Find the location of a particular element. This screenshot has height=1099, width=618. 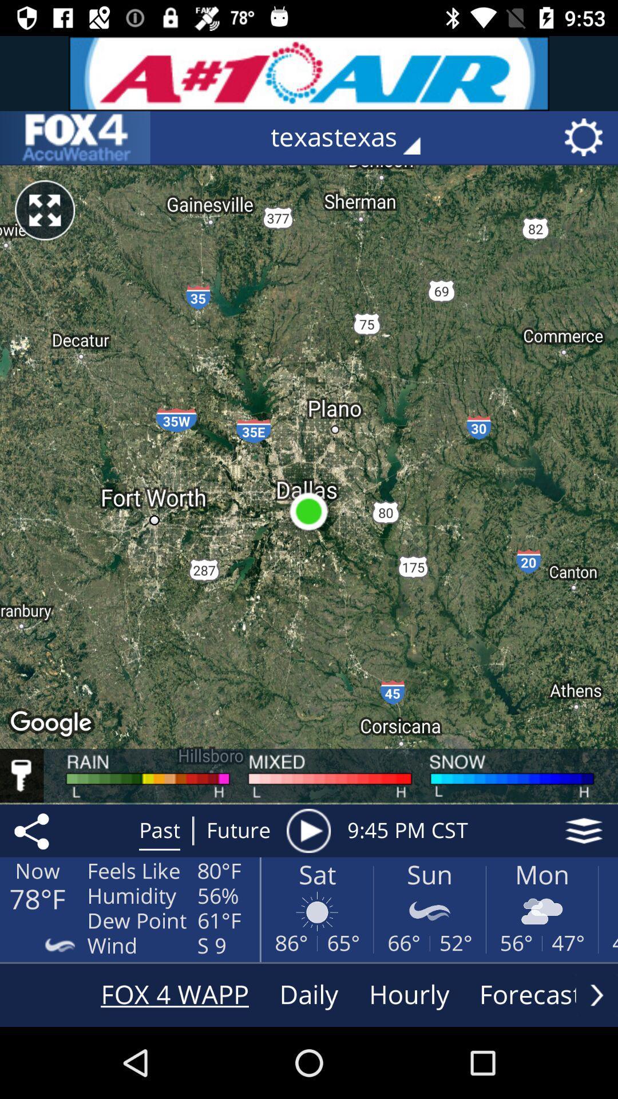

animate map weather is located at coordinates (308, 831).